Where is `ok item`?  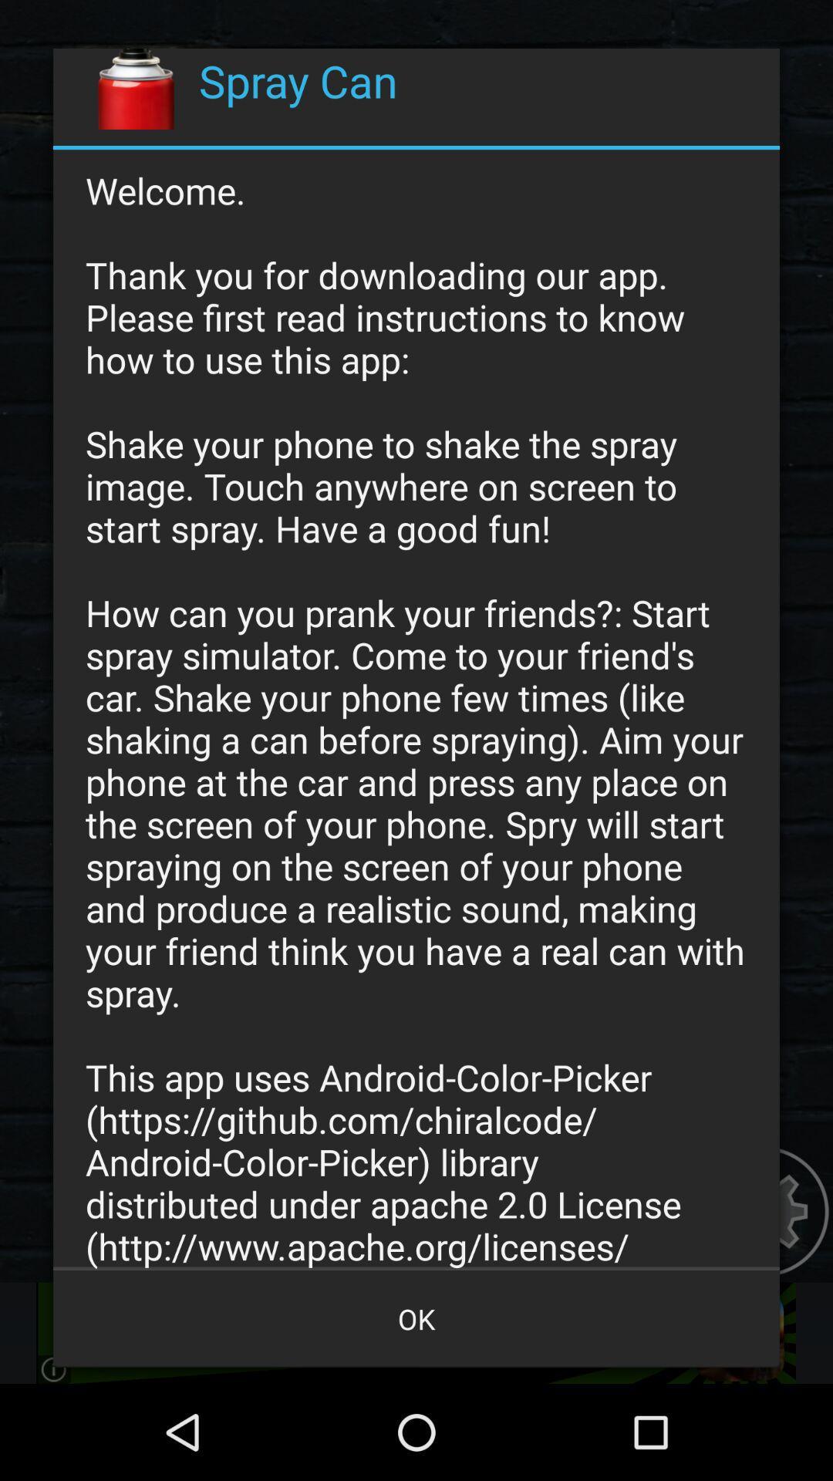
ok item is located at coordinates (416, 1317).